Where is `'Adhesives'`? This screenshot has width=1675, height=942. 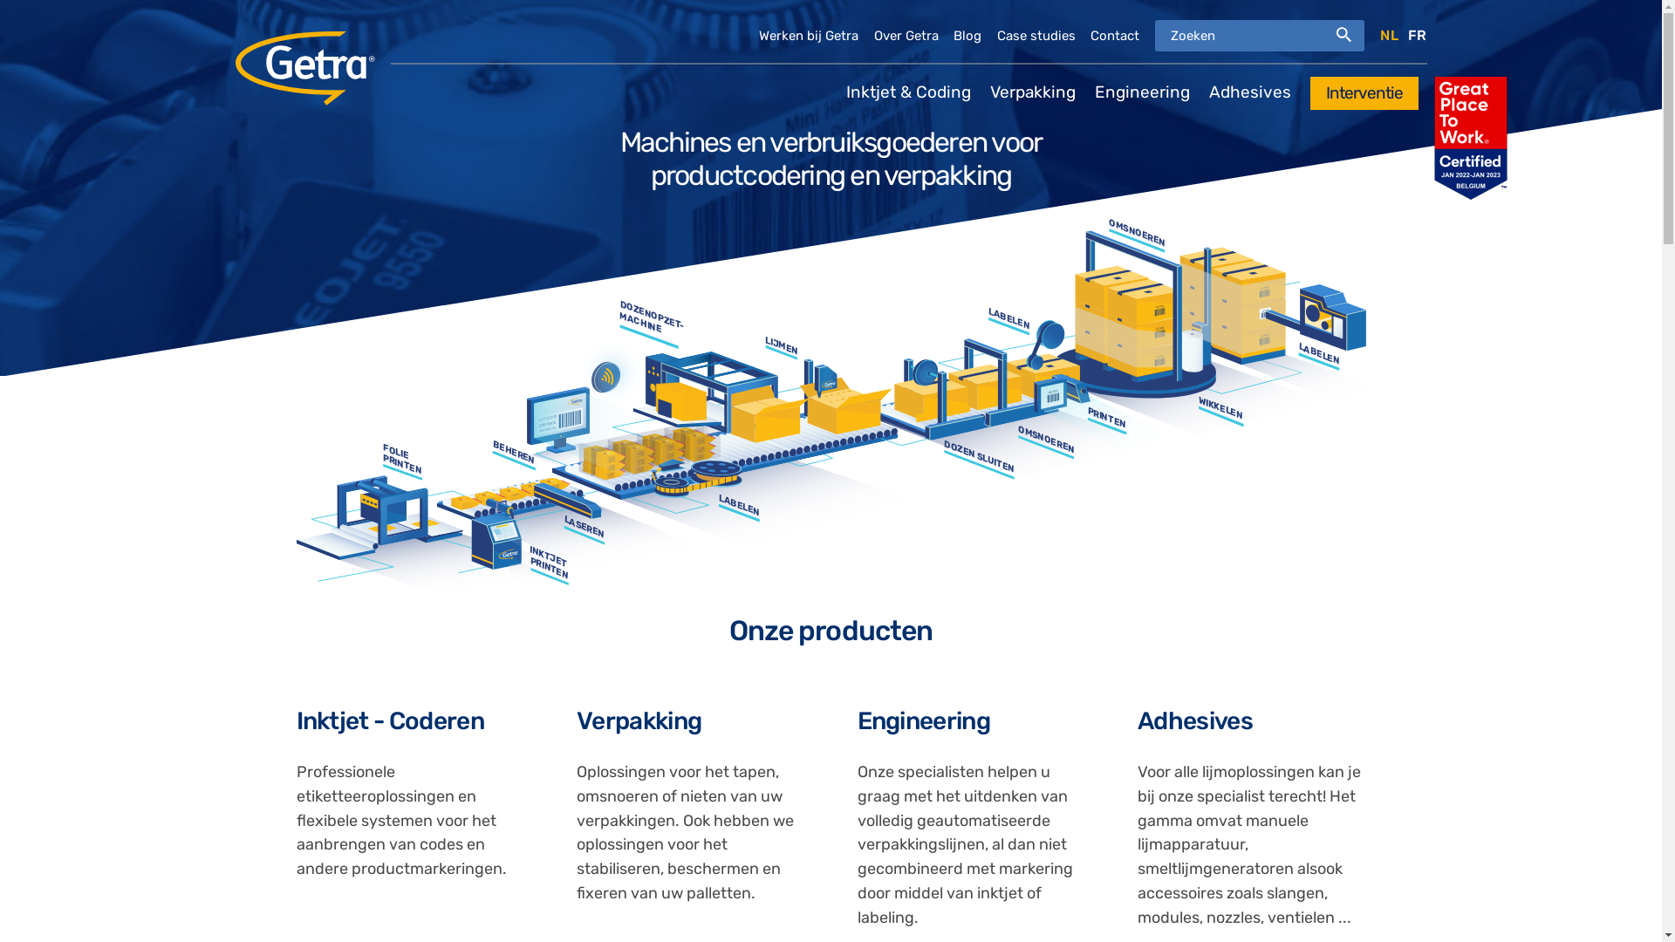 'Adhesives' is located at coordinates (1249, 92).